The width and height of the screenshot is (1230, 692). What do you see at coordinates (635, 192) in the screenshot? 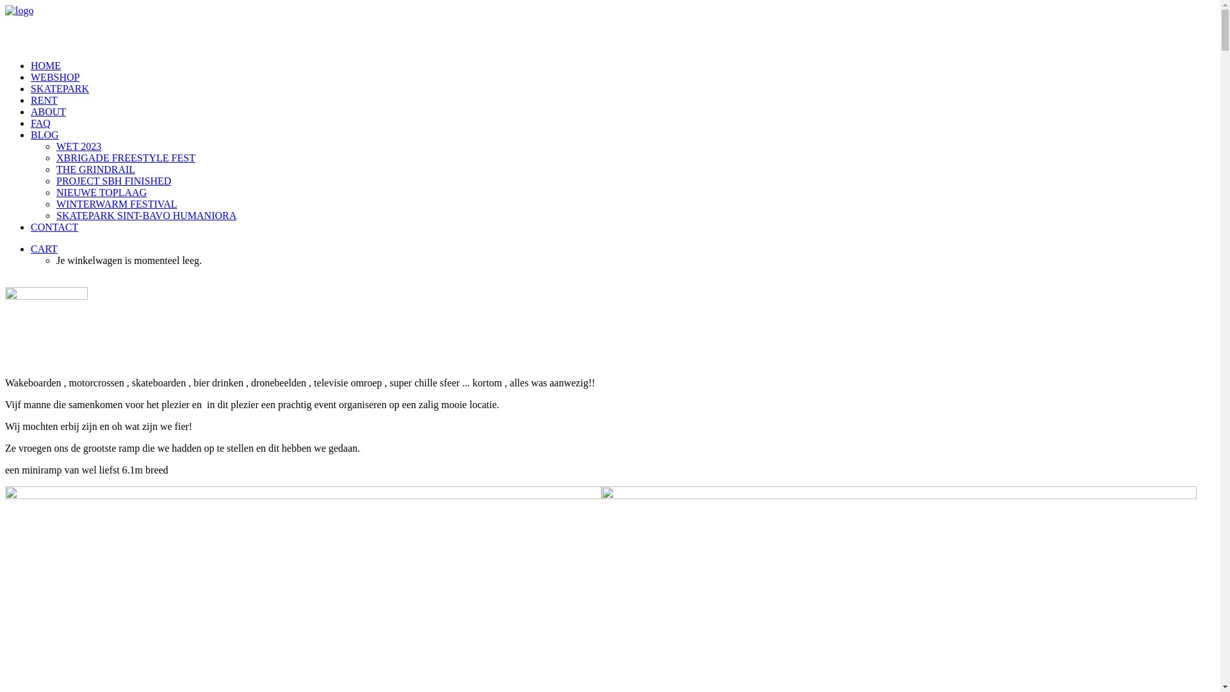
I see `'NIEUWE TOPLAAG'` at bounding box center [635, 192].